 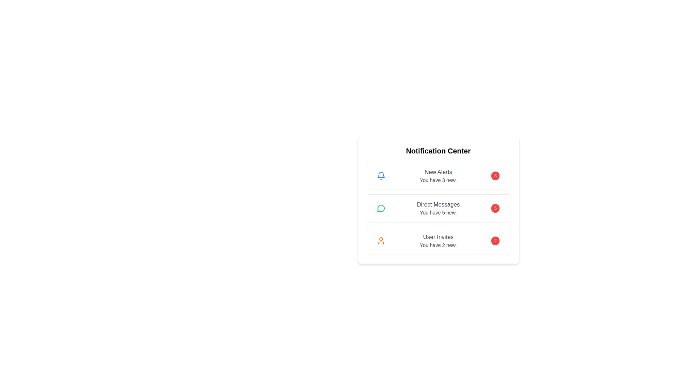 What do you see at coordinates (495, 241) in the screenshot?
I see `notification count from the Notification Badge located at the far-right side of the 'User Invites' row in the Notification Center card component` at bounding box center [495, 241].